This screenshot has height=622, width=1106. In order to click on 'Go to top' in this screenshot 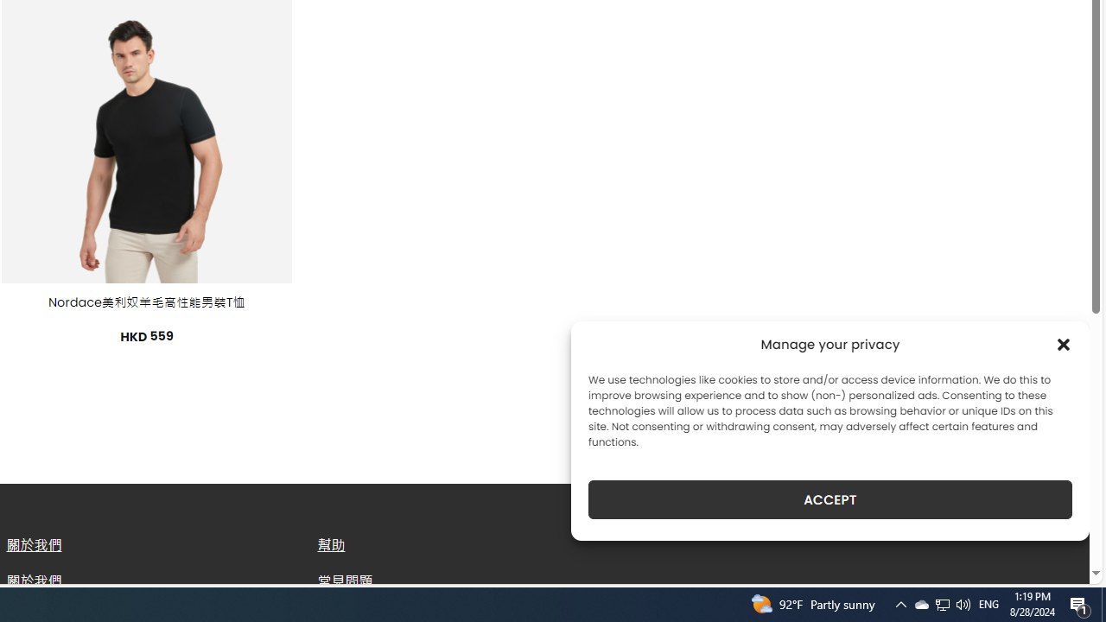, I will do `click(1053, 560)`.